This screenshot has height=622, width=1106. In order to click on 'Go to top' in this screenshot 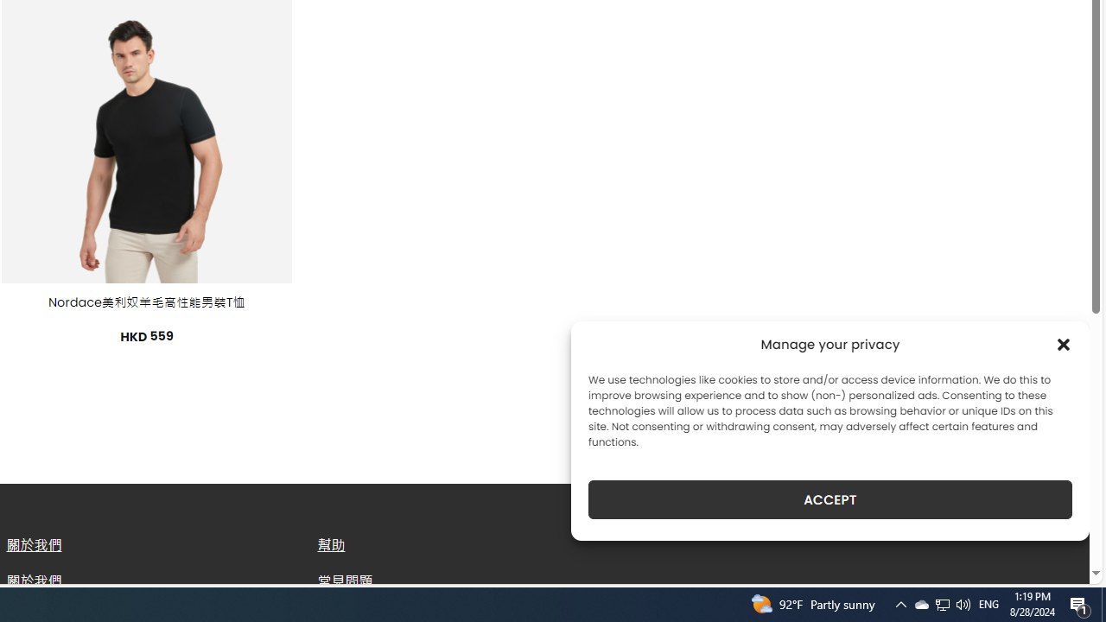, I will do `click(1053, 560)`.